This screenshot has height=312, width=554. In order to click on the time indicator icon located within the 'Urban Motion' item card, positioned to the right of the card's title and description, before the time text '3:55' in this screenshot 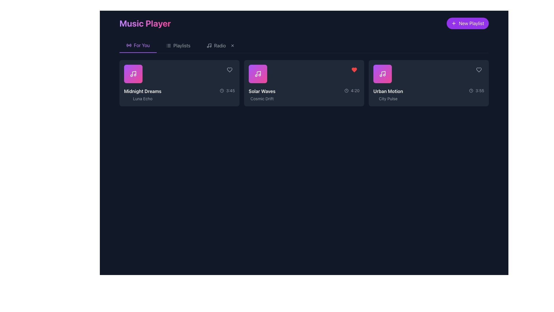, I will do `click(471, 90)`.